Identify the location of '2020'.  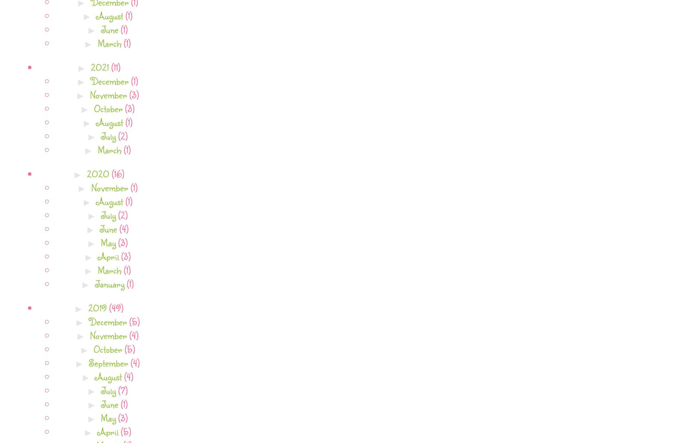
(99, 173).